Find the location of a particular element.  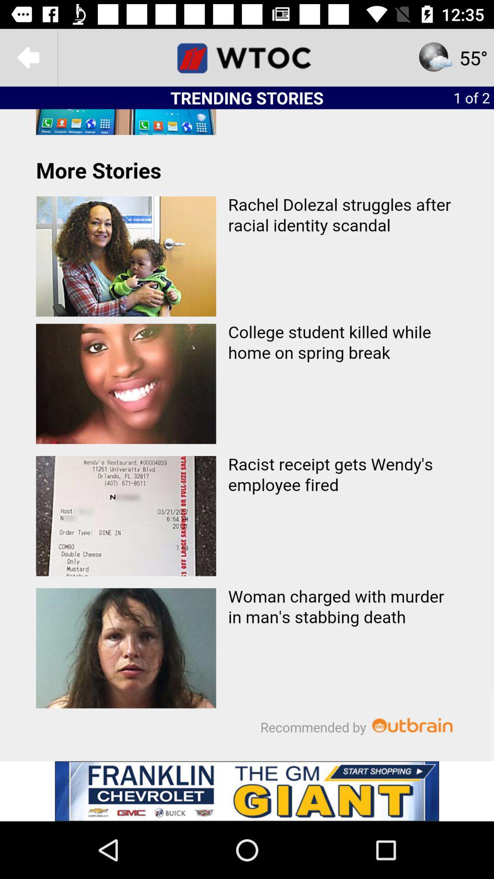

the star icon is located at coordinates (452, 57).